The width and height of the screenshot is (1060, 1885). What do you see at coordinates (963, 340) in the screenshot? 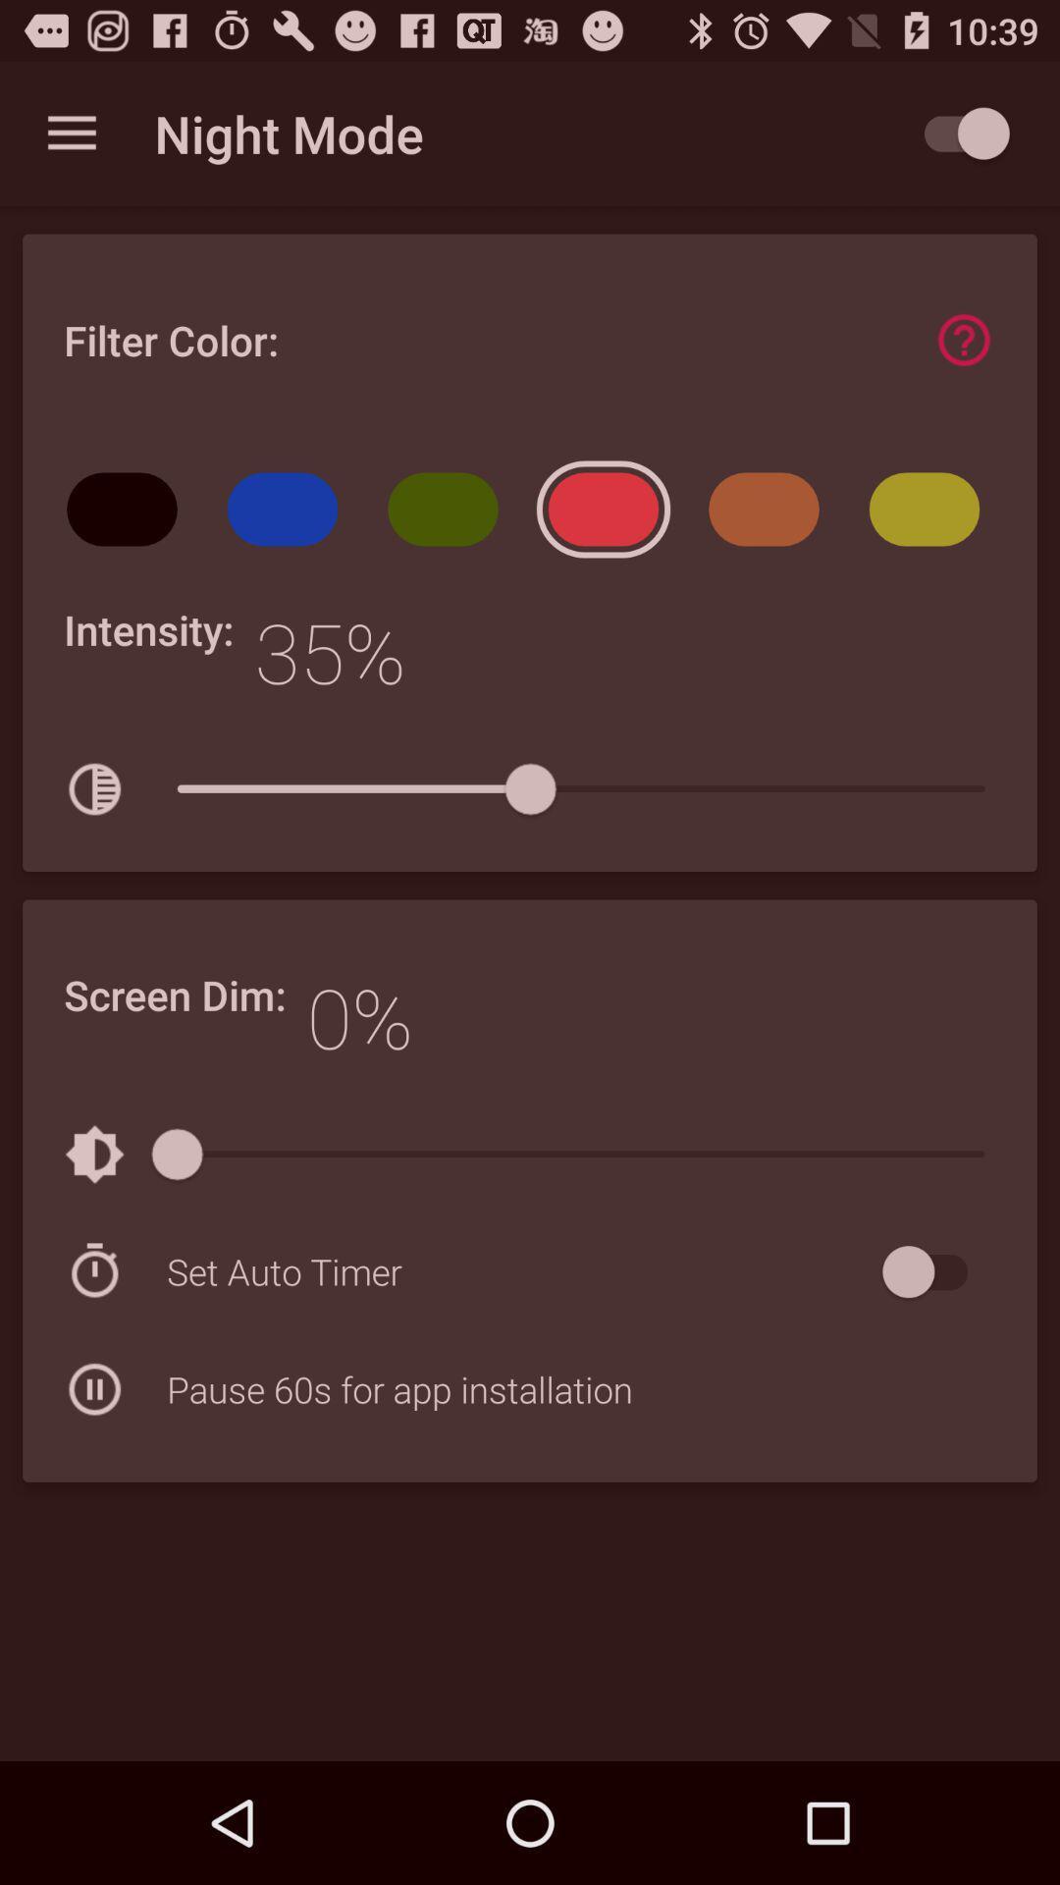
I see `choose faqs` at bounding box center [963, 340].